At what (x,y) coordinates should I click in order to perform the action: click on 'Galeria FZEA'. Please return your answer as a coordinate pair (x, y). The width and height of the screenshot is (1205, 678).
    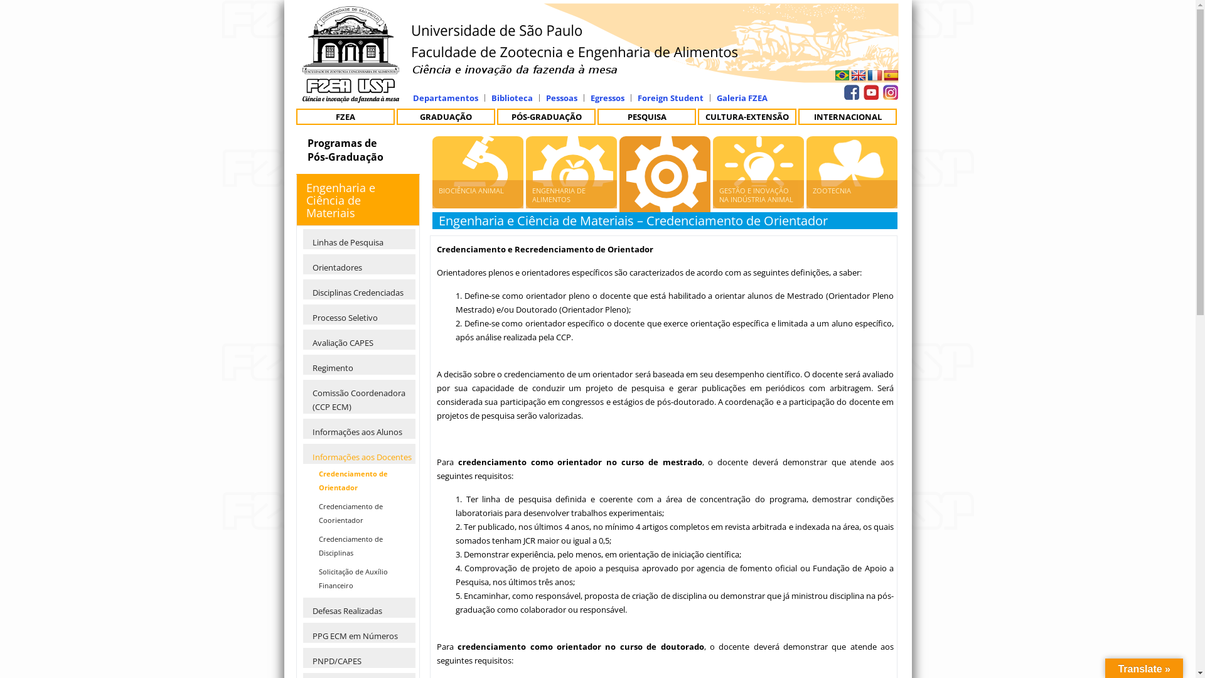
    Looking at the image, I should click on (717, 96).